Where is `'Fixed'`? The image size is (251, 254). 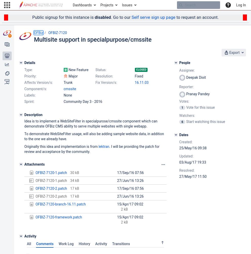
'Fixed' is located at coordinates (134, 76).